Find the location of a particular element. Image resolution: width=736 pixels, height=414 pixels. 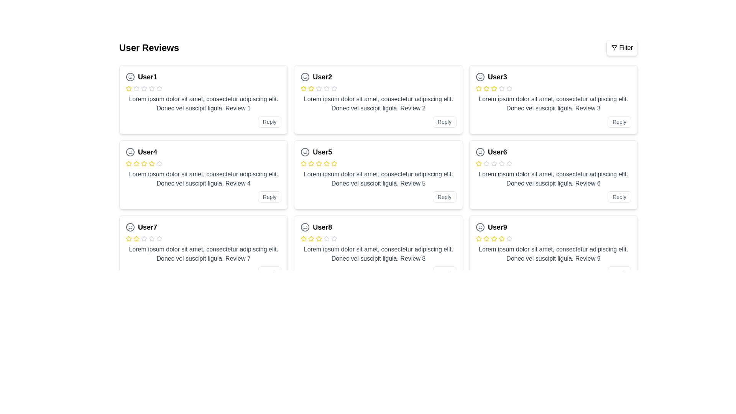

the second star icon in the rating row for 'User7' located in the bottom-left card of the interface is located at coordinates (144, 238).